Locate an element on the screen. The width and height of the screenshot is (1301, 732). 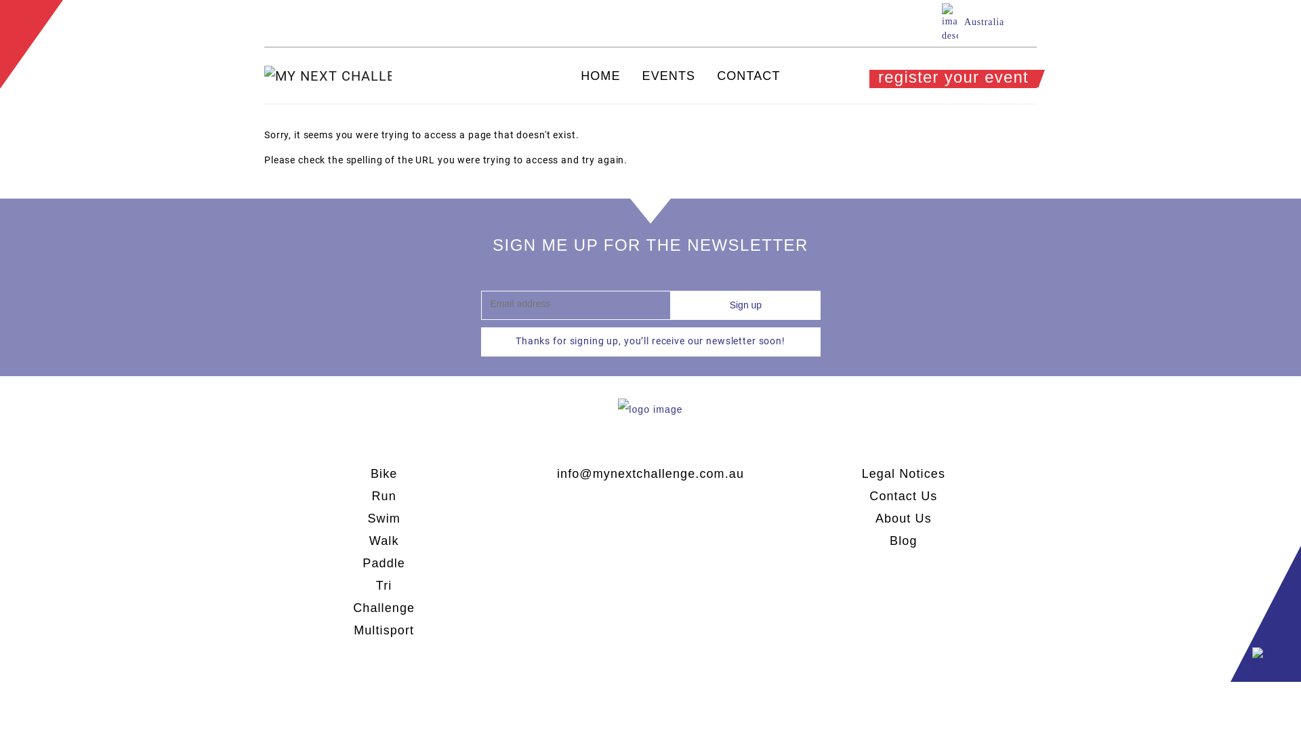
'Multisport' is located at coordinates (354, 630).